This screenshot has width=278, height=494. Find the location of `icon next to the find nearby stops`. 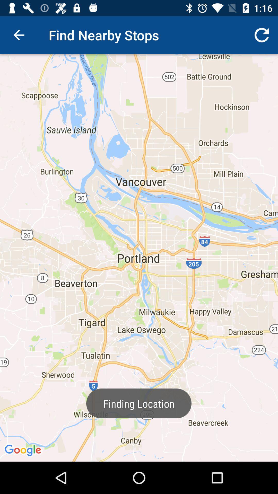

icon next to the find nearby stops is located at coordinates (19, 35).